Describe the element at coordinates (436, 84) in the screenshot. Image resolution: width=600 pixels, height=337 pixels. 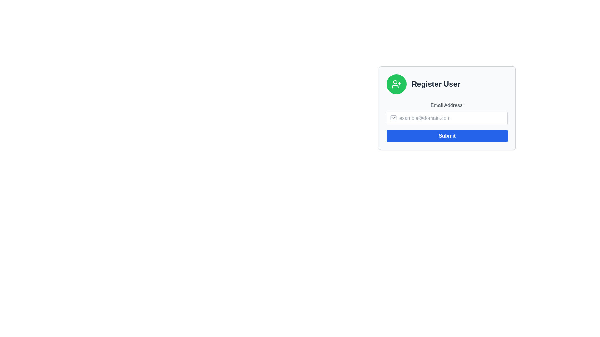
I see `the non-interactive text label or heading that indicates the purpose of the form, positioned to the right of a green user icon` at that location.